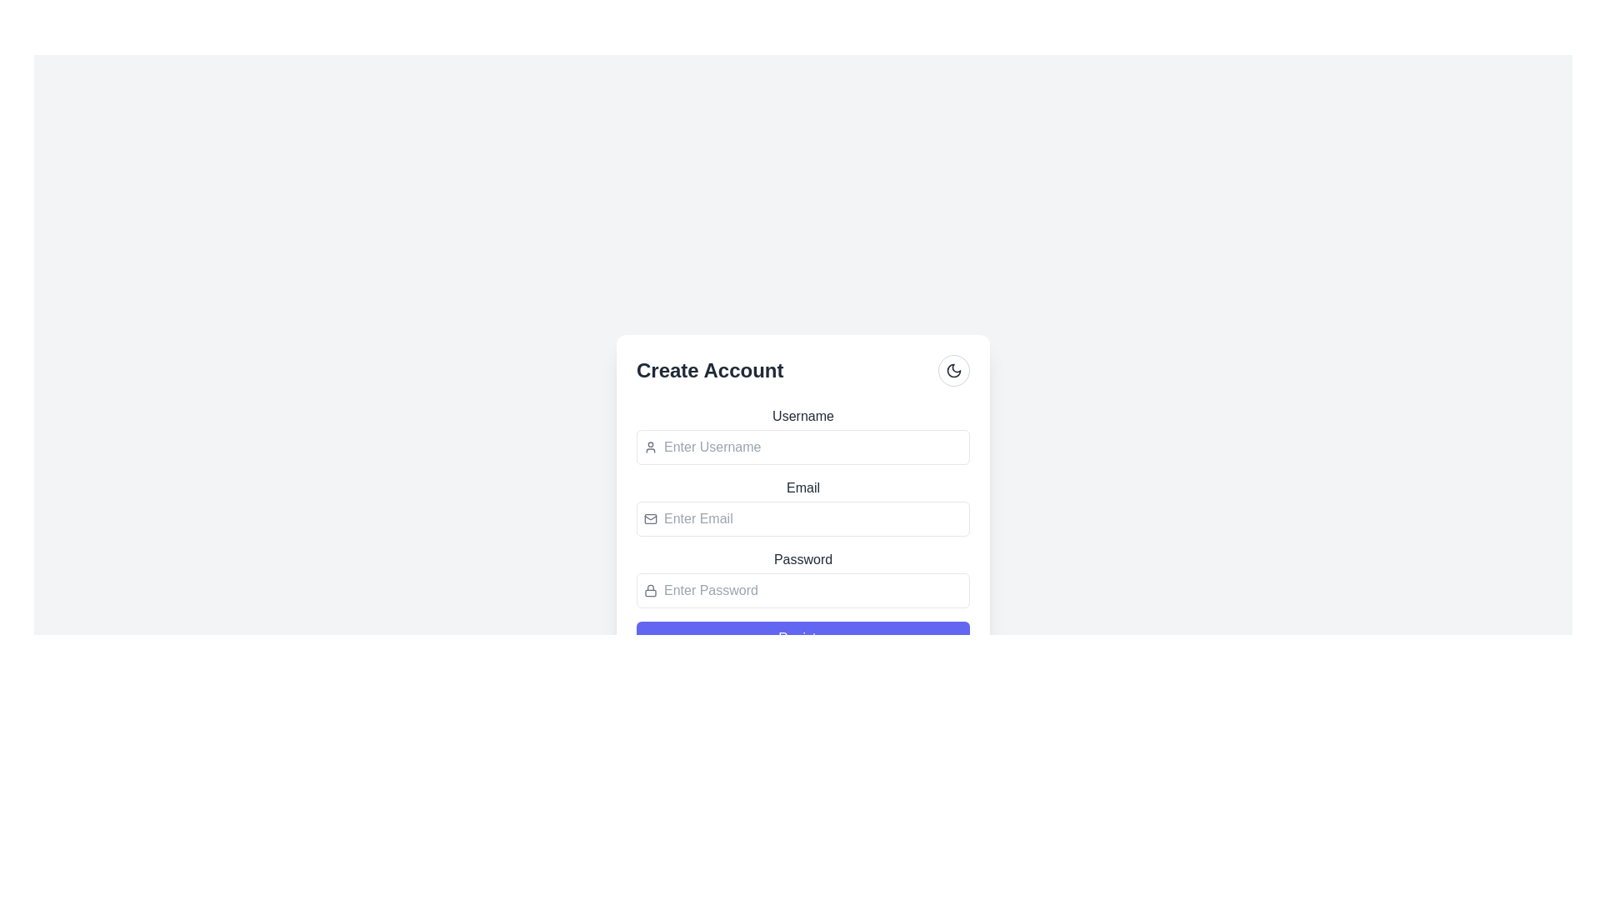 The width and height of the screenshot is (1600, 900). Describe the element at coordinates (650, 518) in the screenshot. I see `the rectangular shape with rounded corners that serves as the background of the mail symbol within the SVG of the 'Create Account' section, located to the left of the 'Email' text input box` at that location.